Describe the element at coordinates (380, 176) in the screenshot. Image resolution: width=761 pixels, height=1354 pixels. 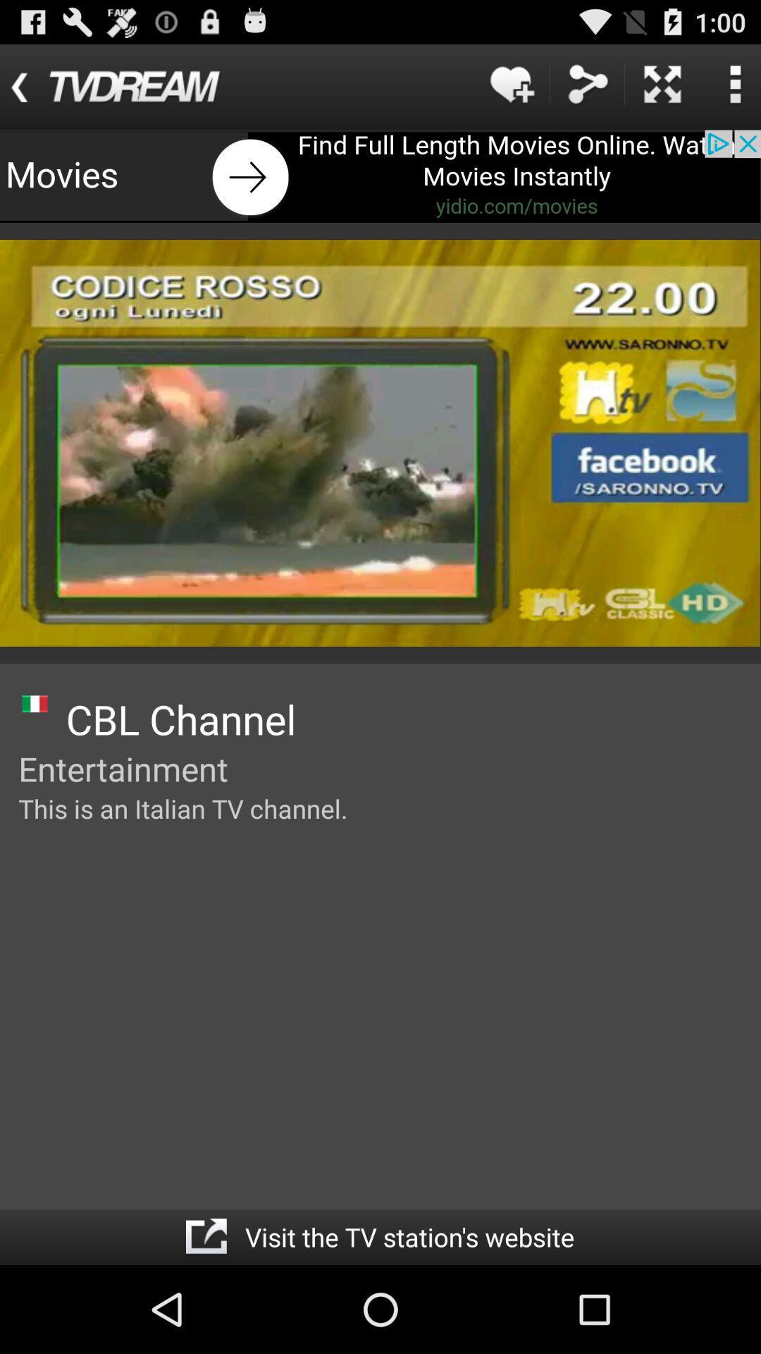
I see `advertisement` at that location.